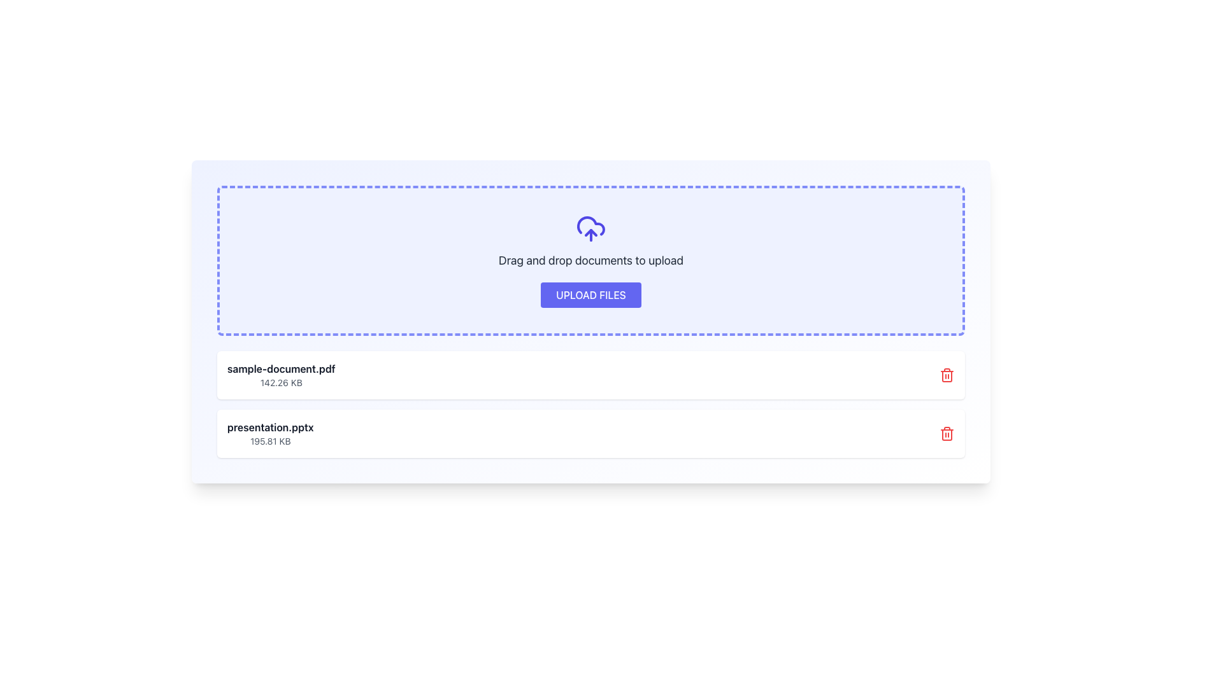  I want to click on the text label displaying the file size for 'sample-document.pdf', located directly underneath the file name in the list of uploaded files, so click(280, 382).